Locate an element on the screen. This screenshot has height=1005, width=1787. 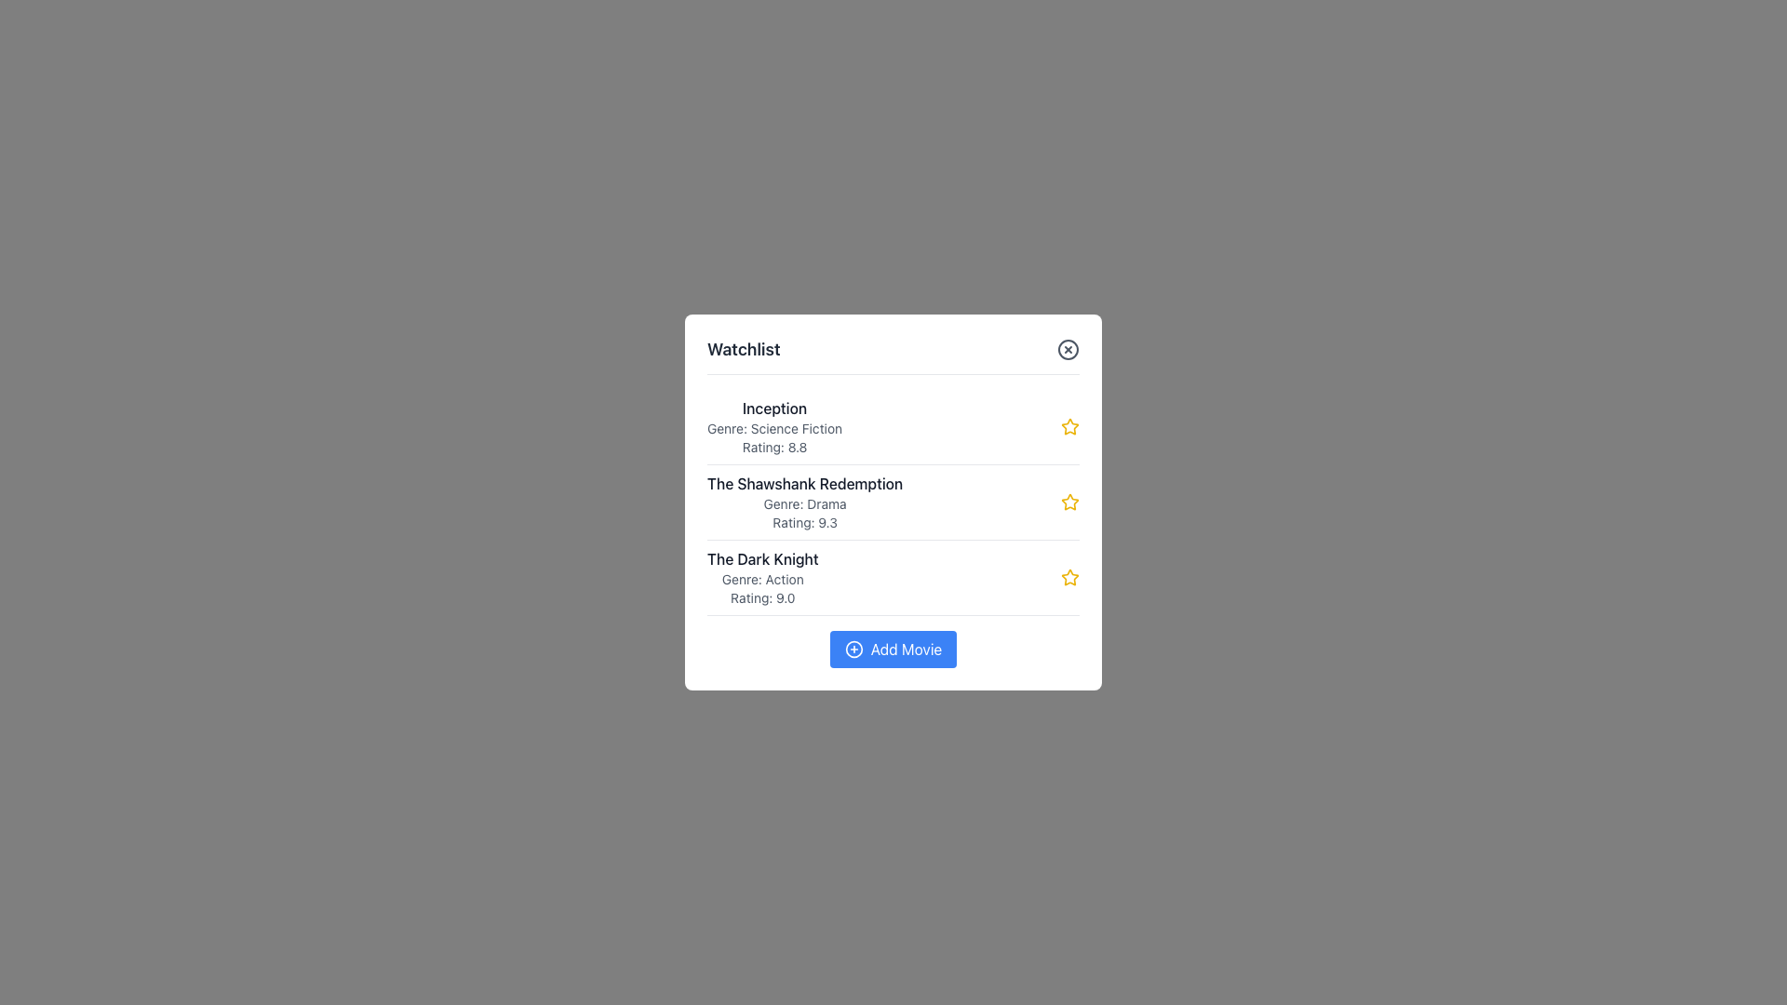
text displayed in the 'Genre: Action' label located beneath the title 'The Dark Knight' and above the rating information 'Rating: 9.0' is located at coordinates (762, 579).